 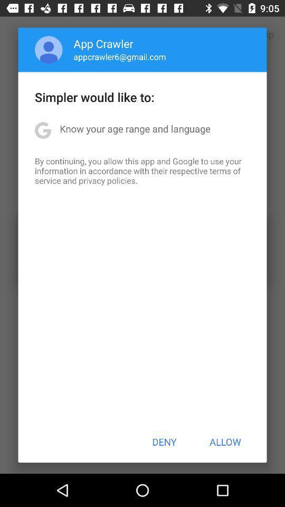 I want to click on app crawler item, so click(x=103, y=43).